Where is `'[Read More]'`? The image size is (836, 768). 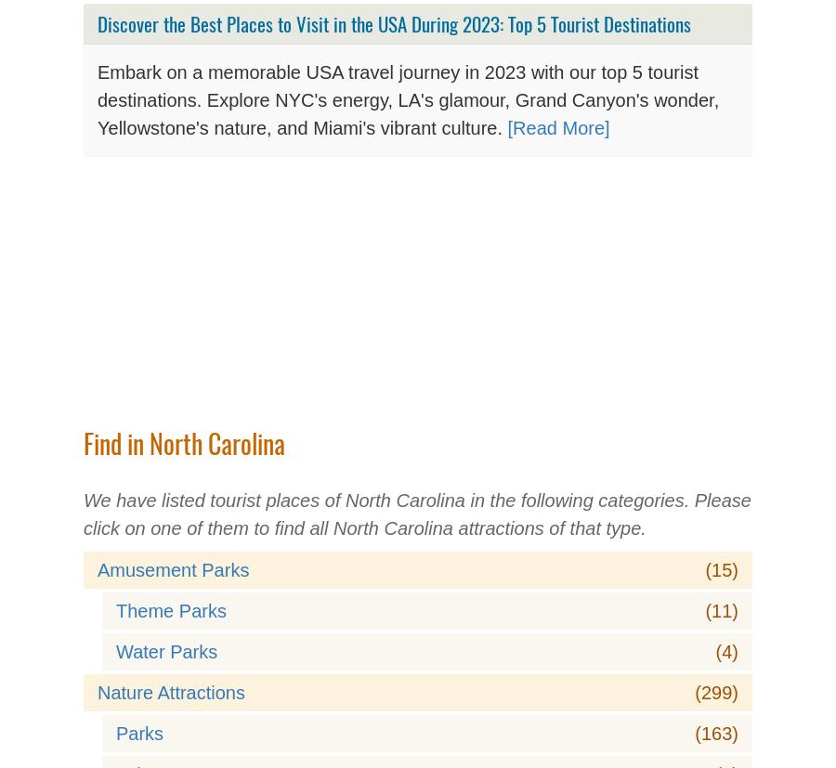 '[Read More]' is located at coordinates (558, 128).